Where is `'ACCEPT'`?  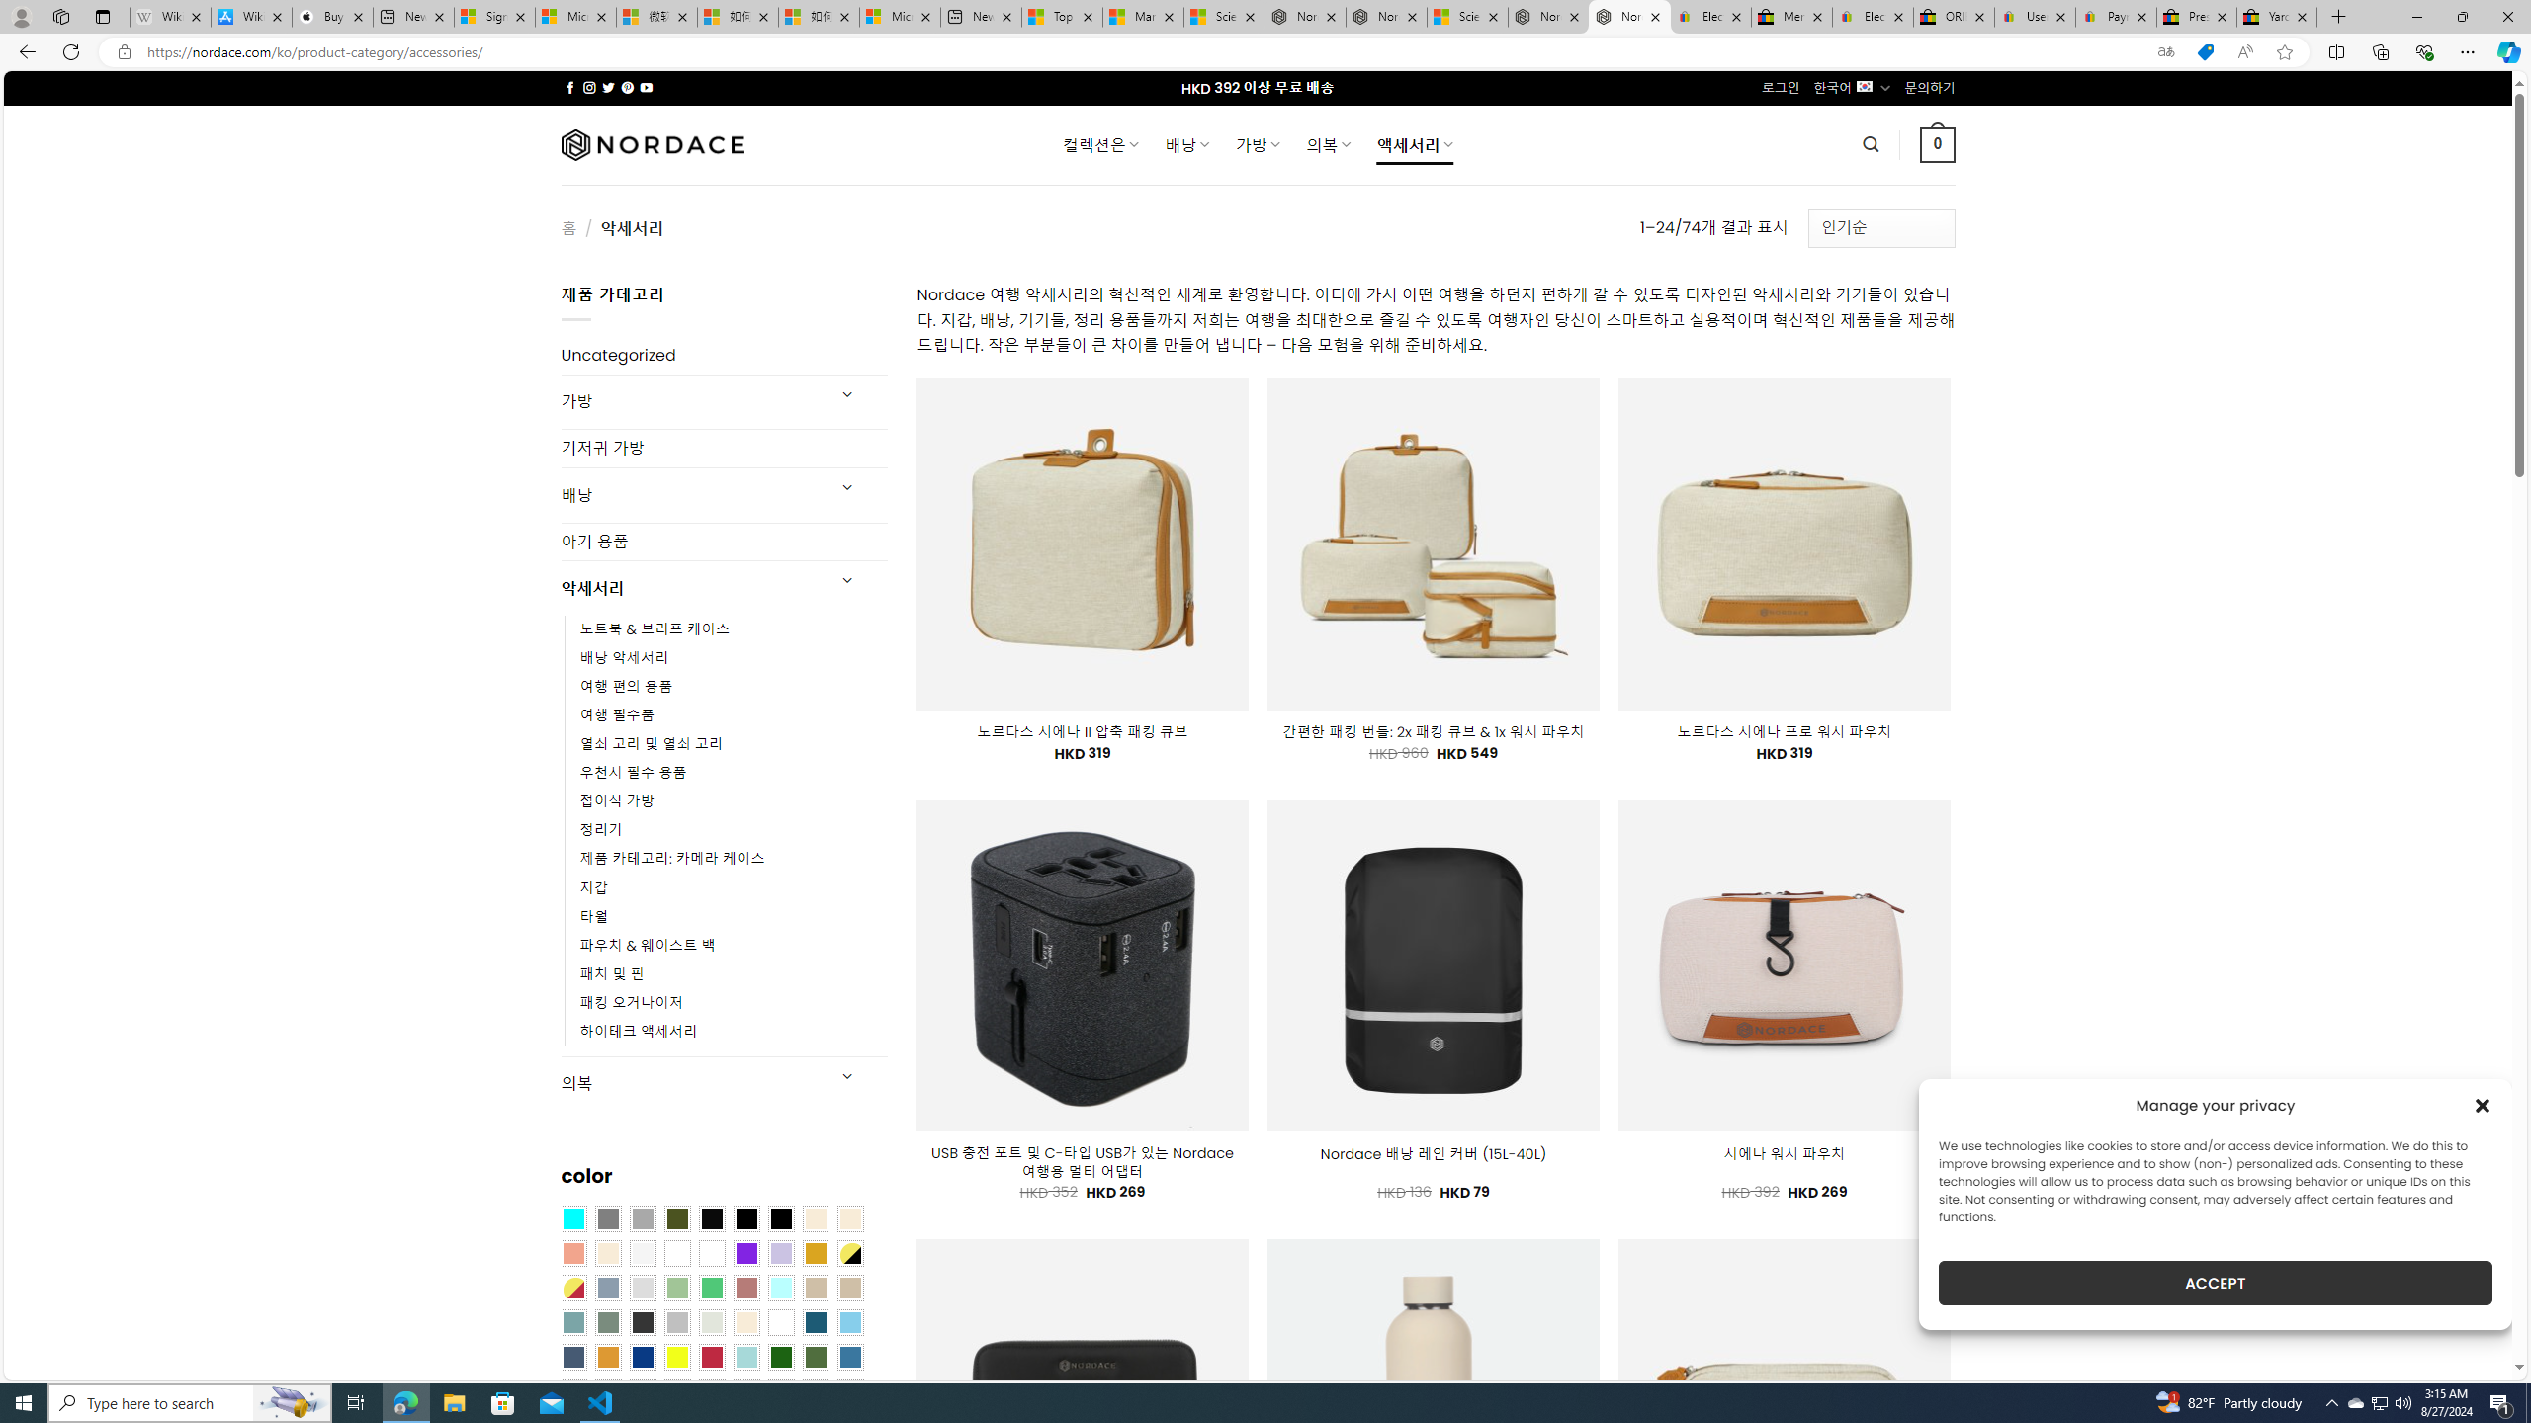
'ACCEPT' is located at coordinates (2216, 1283).